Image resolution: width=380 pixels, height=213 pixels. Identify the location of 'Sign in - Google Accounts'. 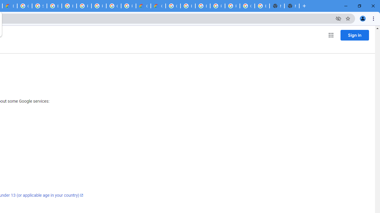
(39, 6).